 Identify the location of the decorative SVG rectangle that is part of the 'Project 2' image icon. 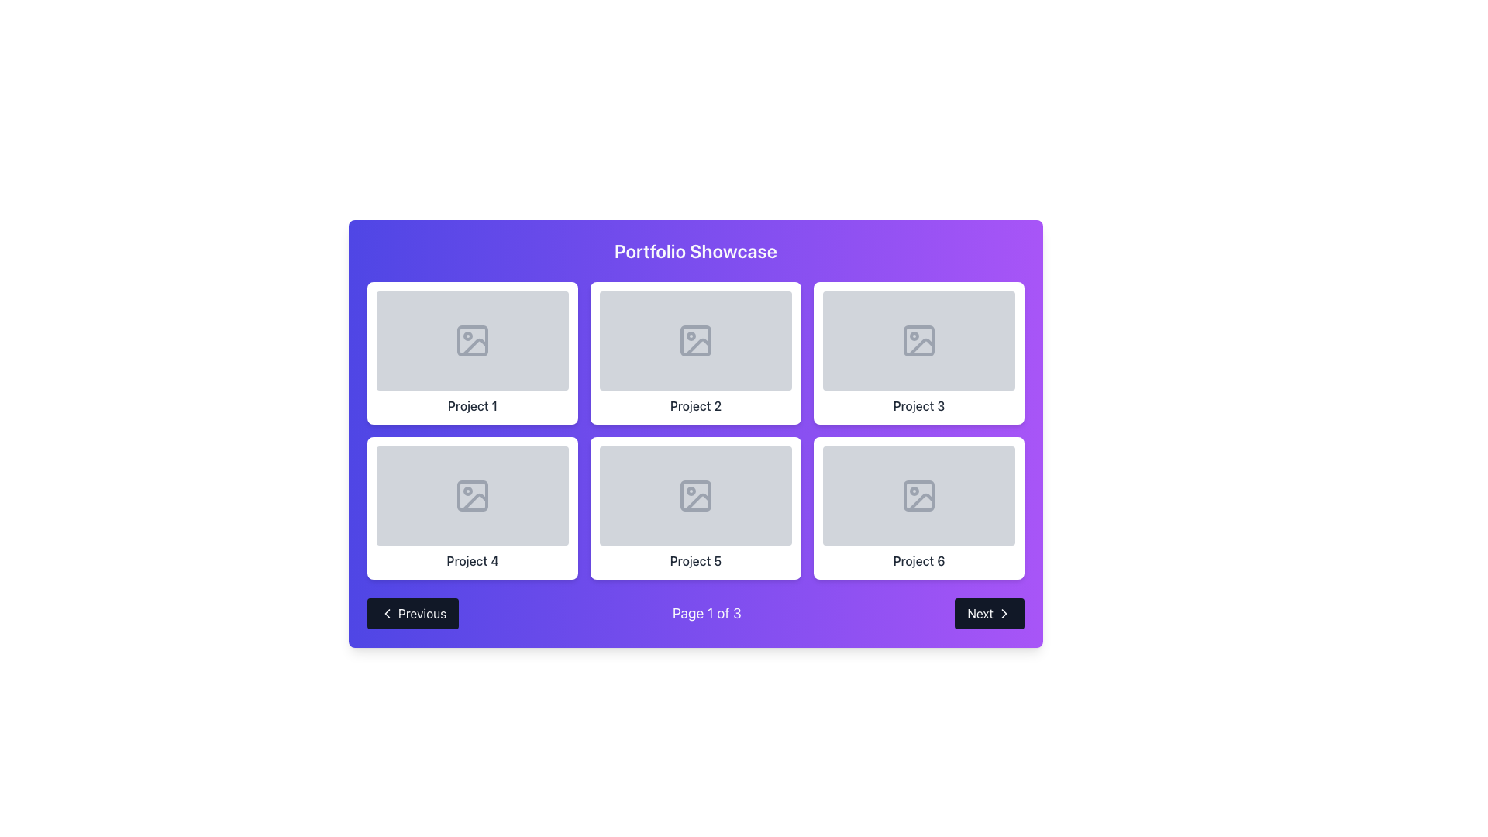
(694, 339).